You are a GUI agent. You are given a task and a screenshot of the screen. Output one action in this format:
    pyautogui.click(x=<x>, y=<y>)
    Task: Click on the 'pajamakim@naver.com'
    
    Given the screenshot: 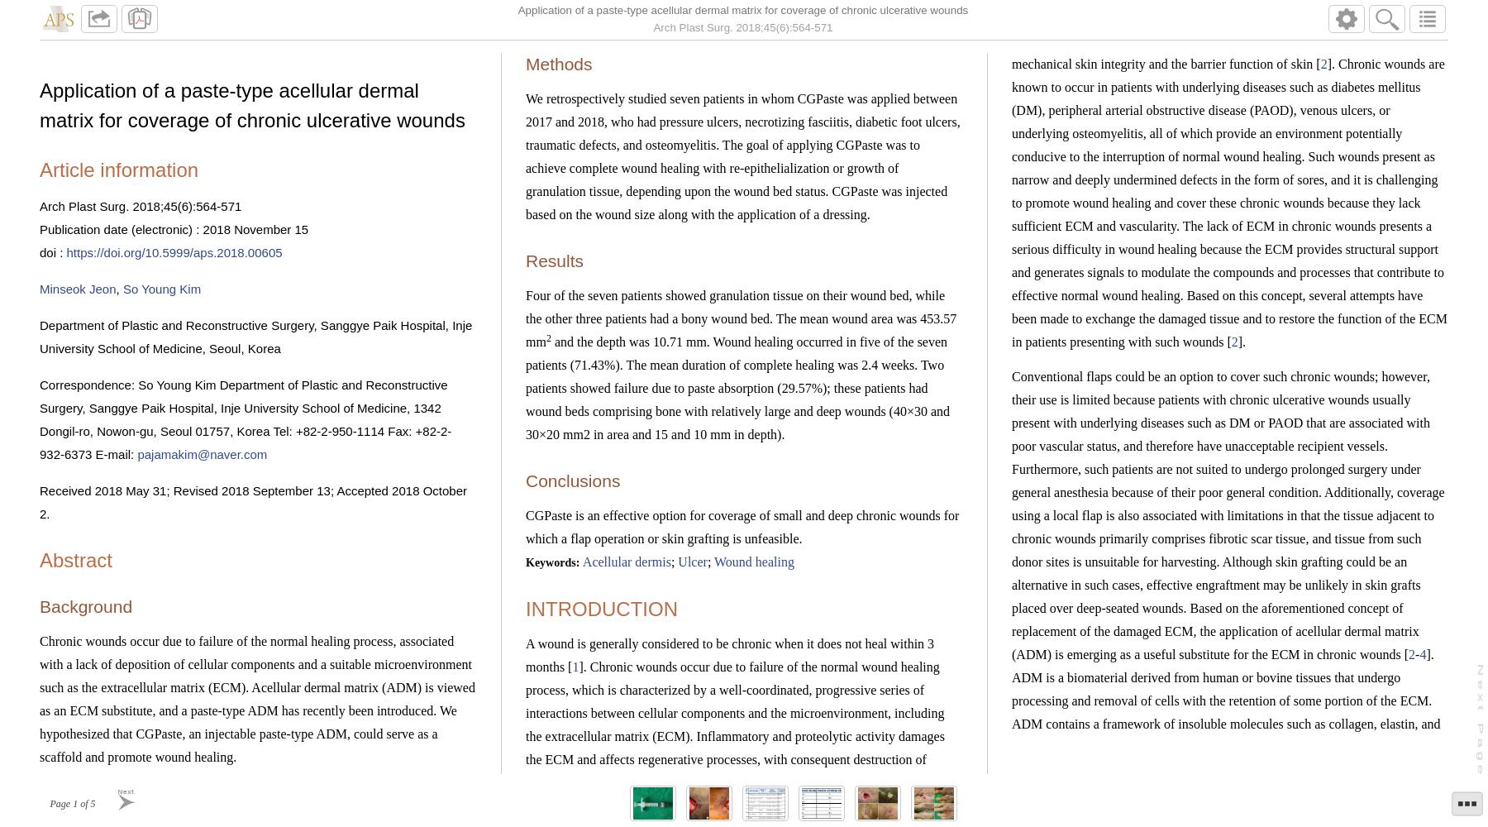 What is the action you would take?
    pyautogui.click(x=201, y=454)
    